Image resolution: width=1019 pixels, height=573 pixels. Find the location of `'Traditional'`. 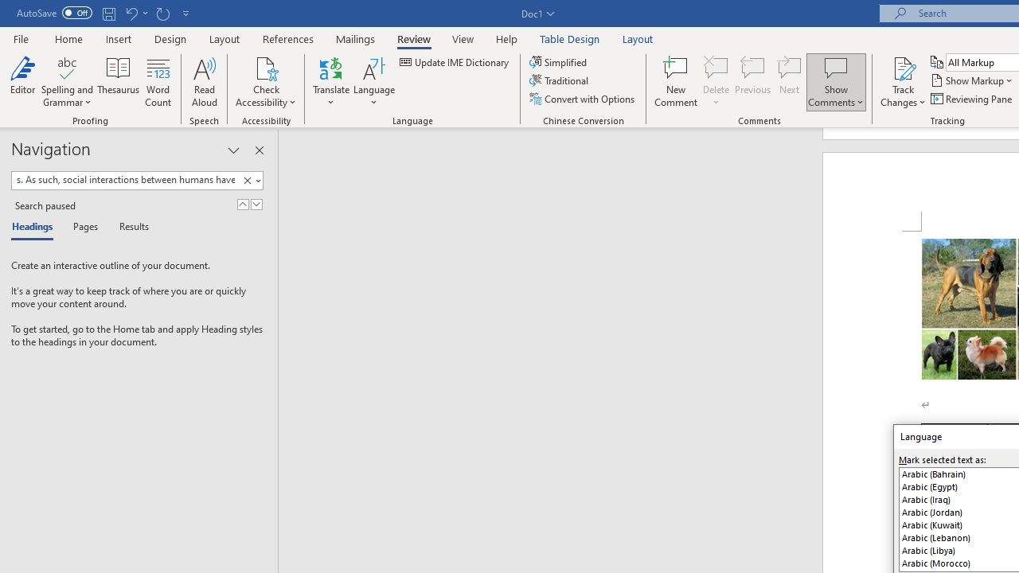

'Traditional' is located at coordinates (560, 80).